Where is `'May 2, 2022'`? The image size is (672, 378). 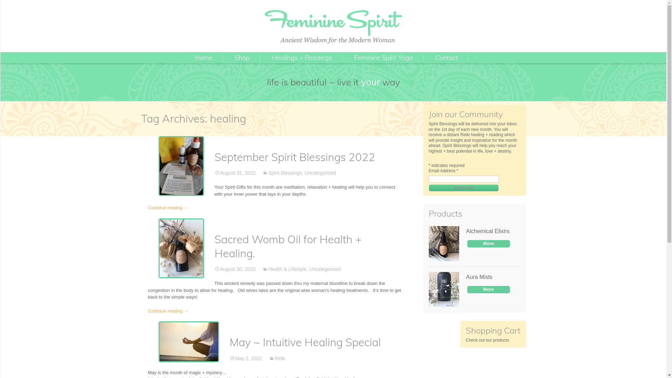 'May 2, 2022' is located at coordinates (246, 358).